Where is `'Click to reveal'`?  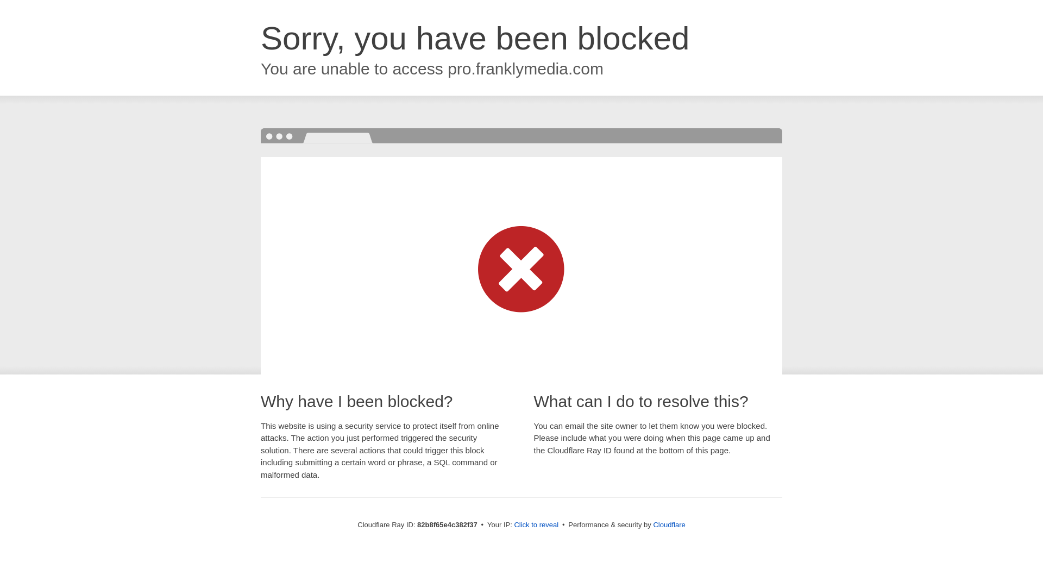 'Click to reveal' is located at coordinates (536, 524).